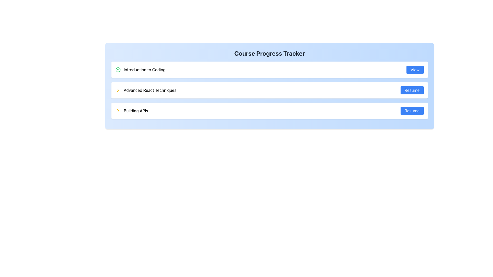 The image size is (493, 277). I want to click on the 'Introduction to Coding' label with the green checkmark icon in the first card under 'Course Progress Tracker', so click(140, 70).